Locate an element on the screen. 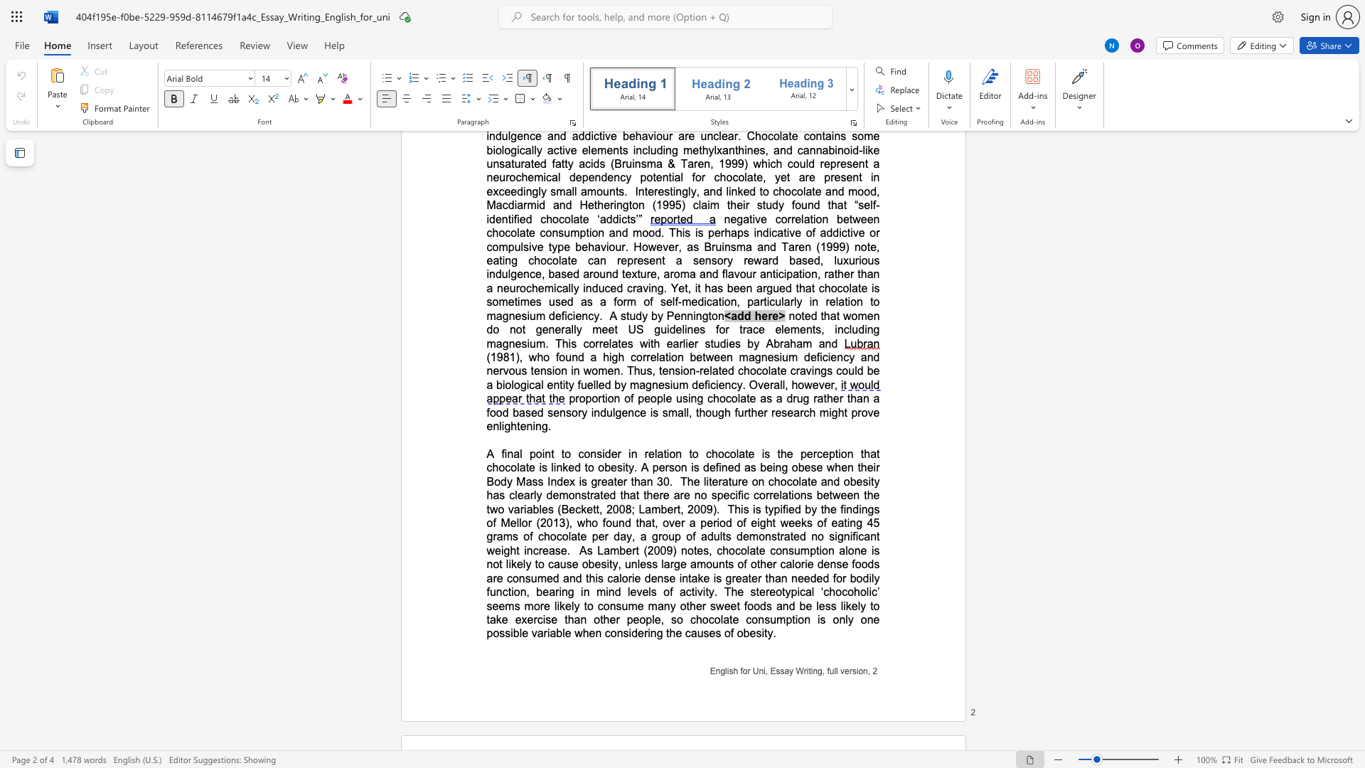 The height and width of the screenshot is (768, 1365). the subset text "x is greater th" within the text "that chocolate is linked to obesity. A person is defined as being obese when their Body Mass Index is greater than 30" is located at coordinates (569, 481).